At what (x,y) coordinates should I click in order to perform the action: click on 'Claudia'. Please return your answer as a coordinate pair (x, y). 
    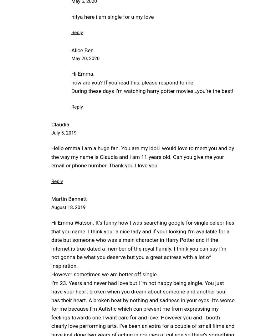
    Looking at the image, I should click on (60, 125).